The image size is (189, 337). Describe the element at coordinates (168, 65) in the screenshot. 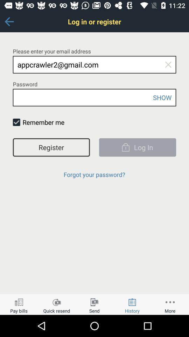

I see `the close icon` at that location.